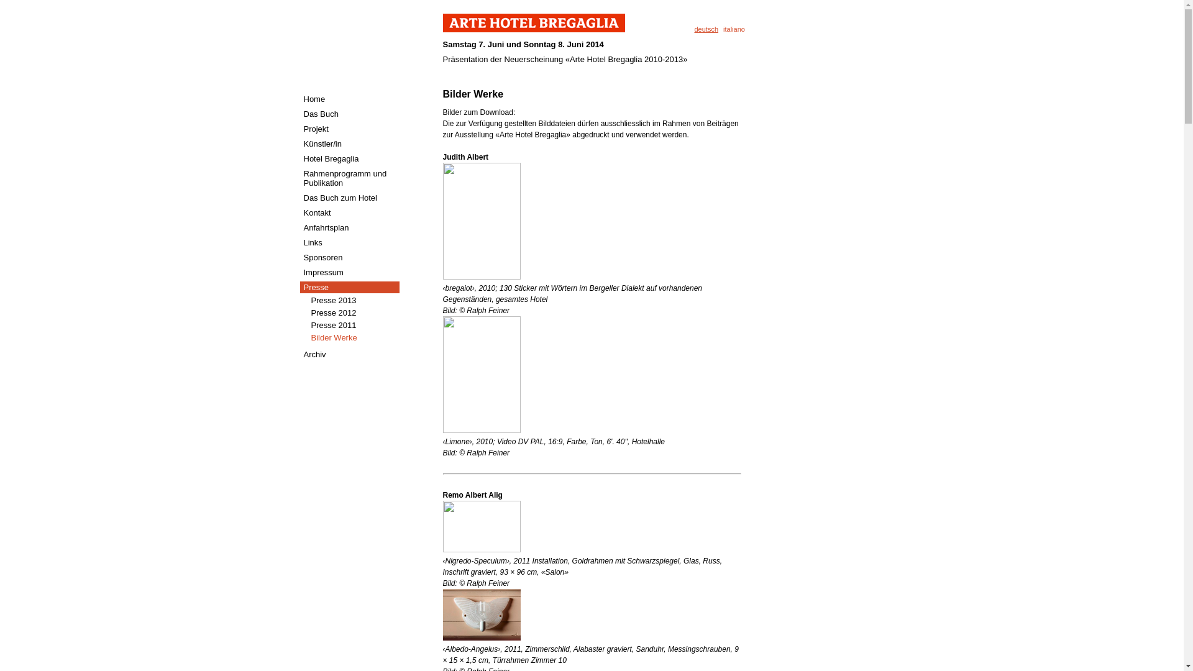 This screenshot has height=671, width=1193. What do you see at coordinates (299, 257) in the screenshot?
I see `'Sponsoren'` at bounding box center [299, 257].